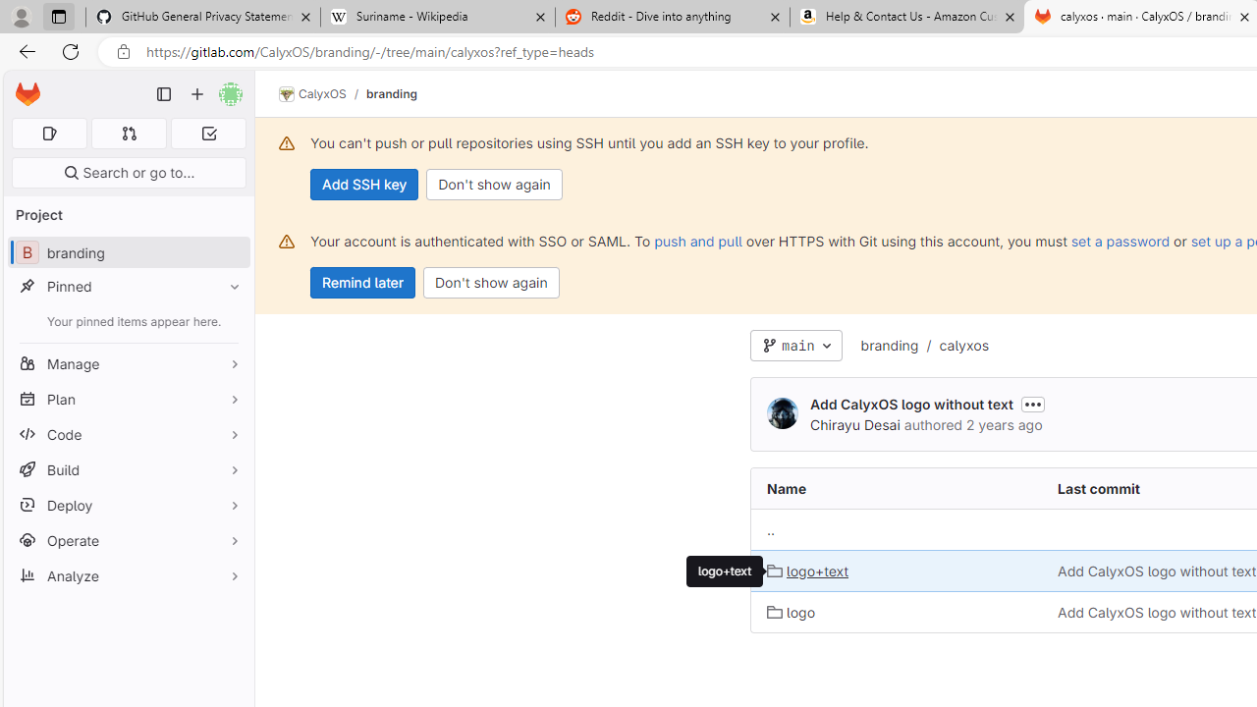  Describe the element at coordinates (128, 251) in the screenshot. I see `'B branding'` at that location.